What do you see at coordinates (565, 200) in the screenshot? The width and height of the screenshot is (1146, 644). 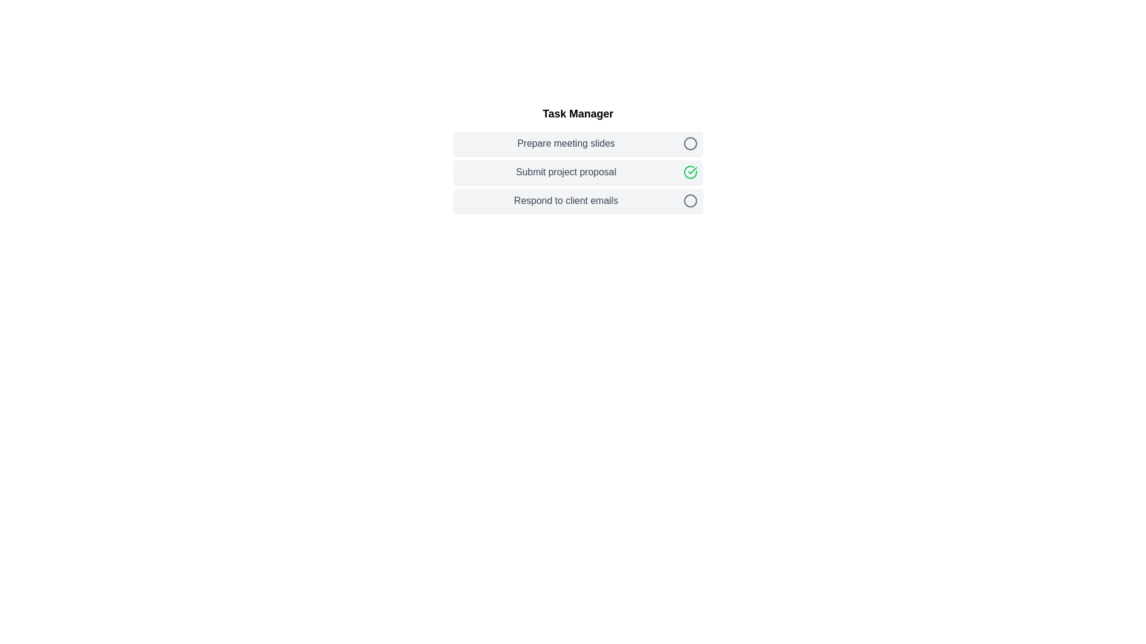 I see `the text display element that describes the third task in the list, which follows the items titled 'Prepare meeting slides' and 'Submit project proposal'` at bounding box center [565, 200].